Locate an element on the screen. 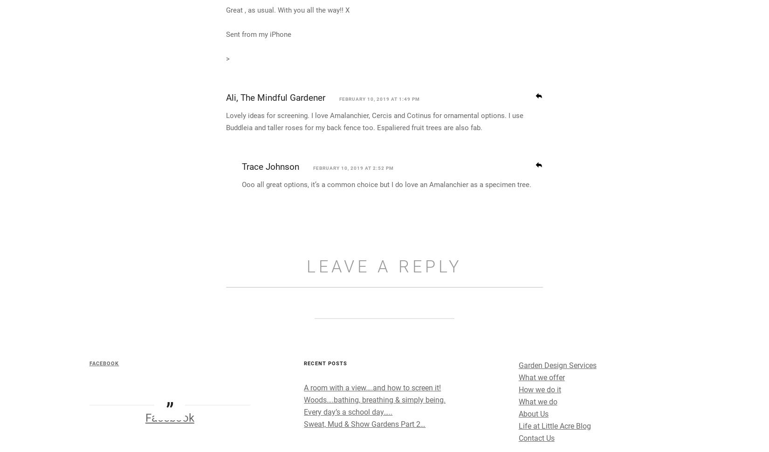  'Sent from my iPhone' is located at coordinates (258, 118).